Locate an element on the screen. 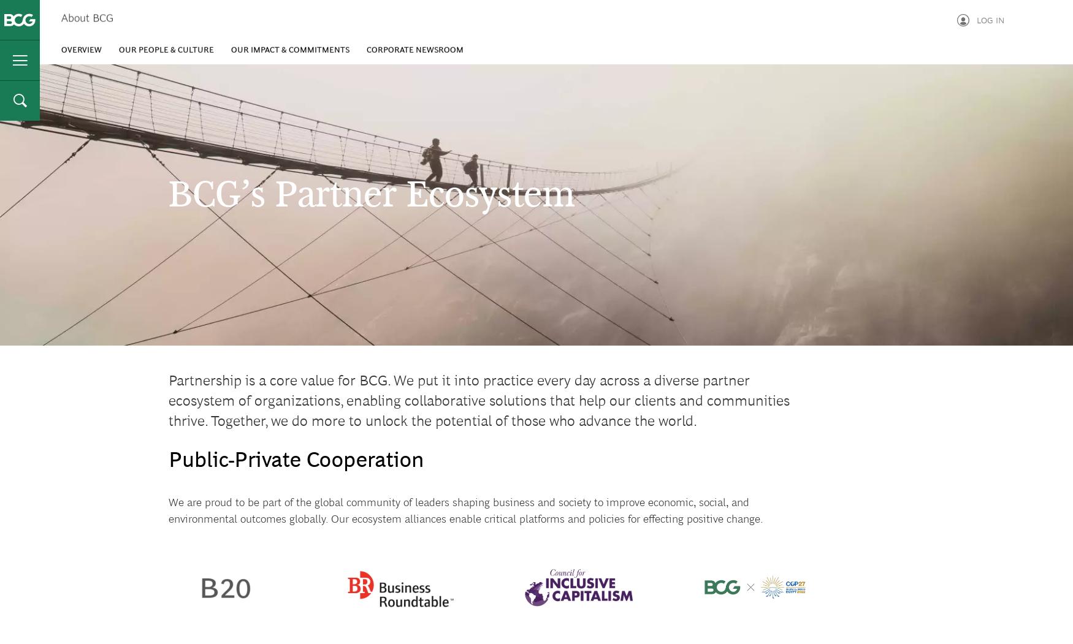 The height and width of the screenshot is (644, 1073). 'Our People & Culture' is located at coordinates (166, 55).